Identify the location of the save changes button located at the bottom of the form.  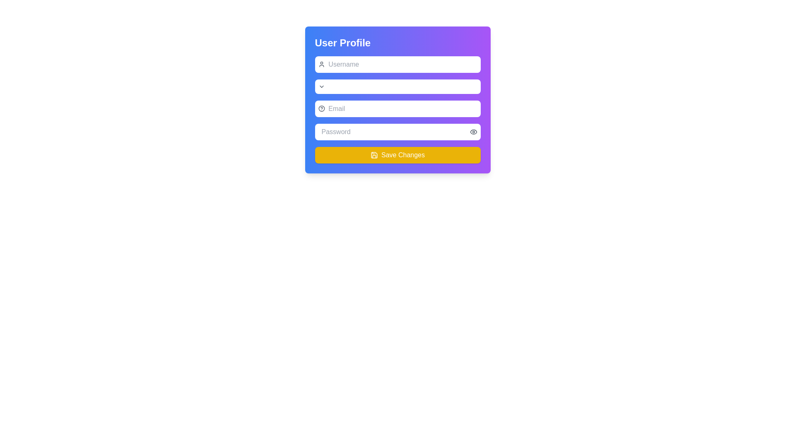
(397, 155).